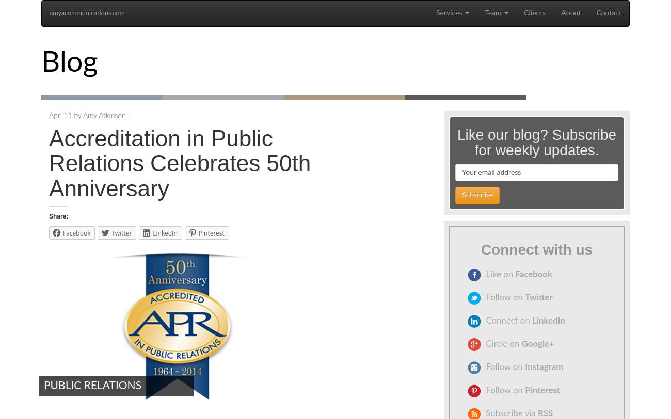 This screenshot has width=671, height=419. Describe the element at coordinates (537, 344) in the screenshot. I see `'Google+'` at that location.